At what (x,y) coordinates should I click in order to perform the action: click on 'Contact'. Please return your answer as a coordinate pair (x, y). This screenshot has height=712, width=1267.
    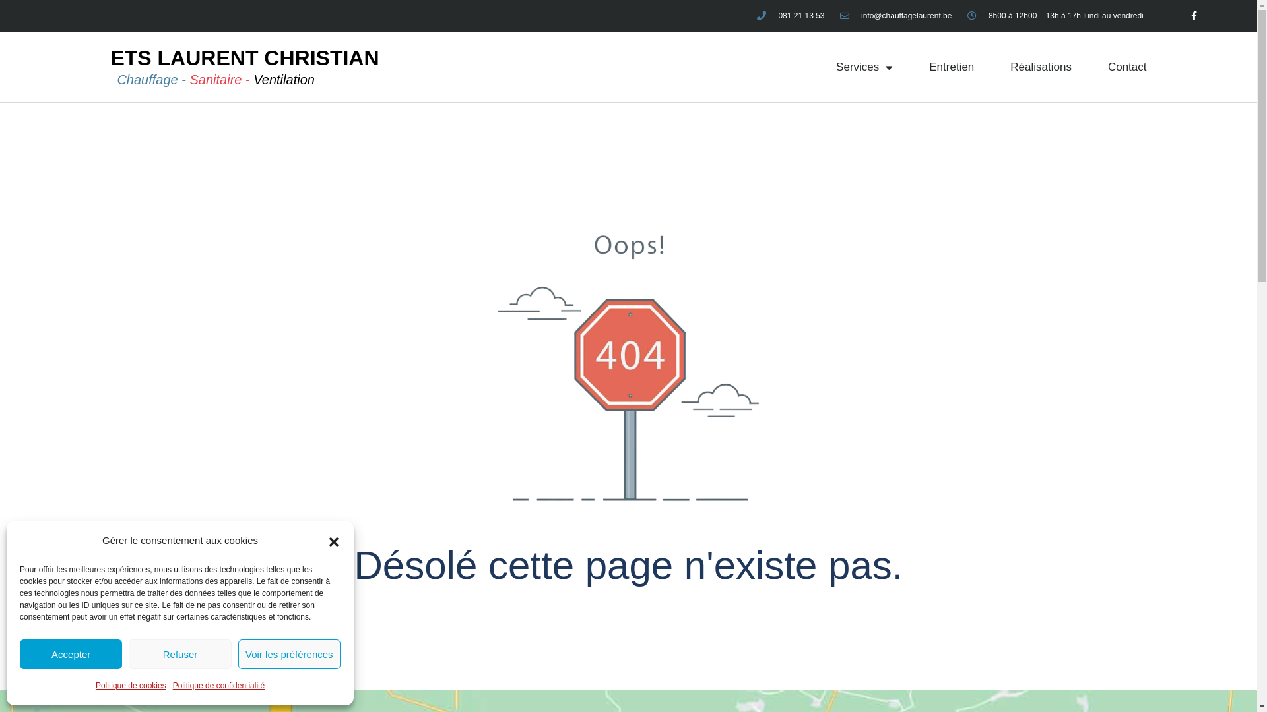
    Looking at the image, I should click on (1095, 67).